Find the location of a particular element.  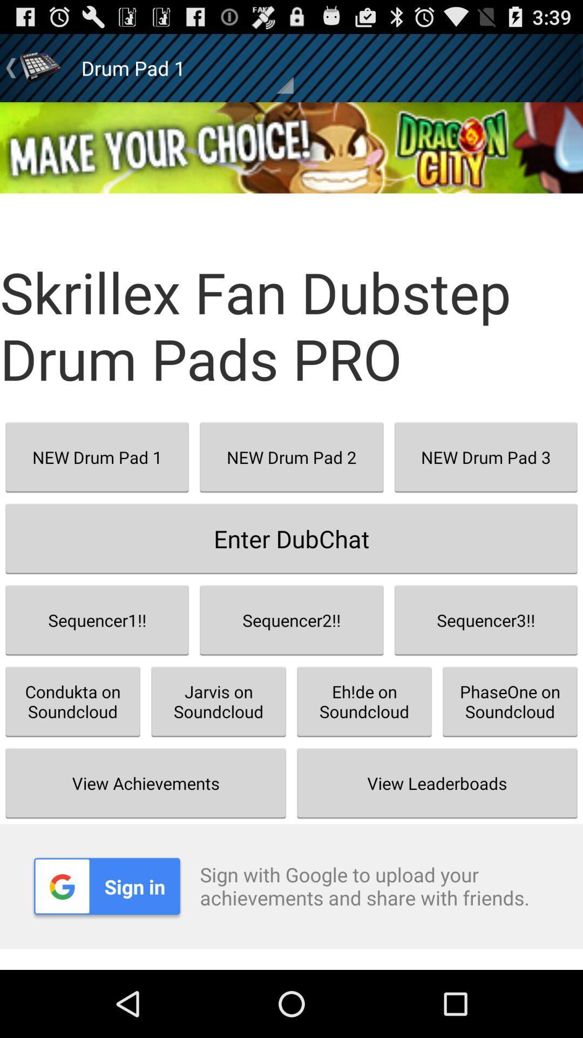

the icon above view achievements button is located at coordinates (73, 701).